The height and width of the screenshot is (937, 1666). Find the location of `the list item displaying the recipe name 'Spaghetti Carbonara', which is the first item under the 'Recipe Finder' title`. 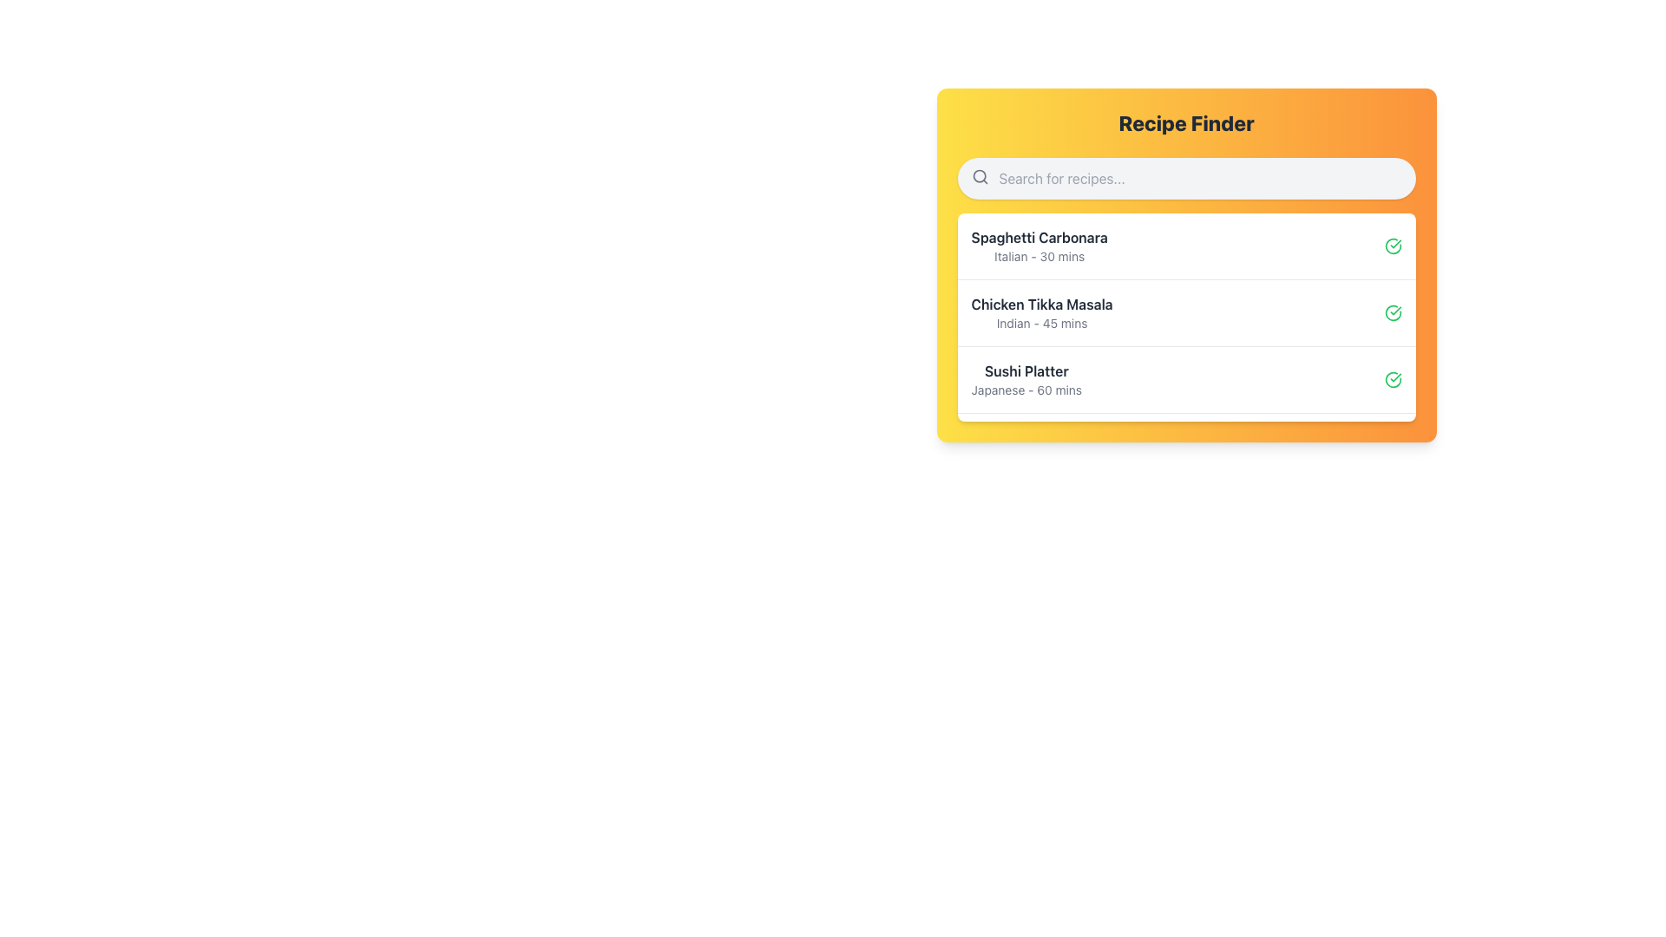

the list item displaying the recipe name 'Spaghetti Carbonara', which is the first item under the 'Recipe Finder' title is located at coordinates (1185, 246).